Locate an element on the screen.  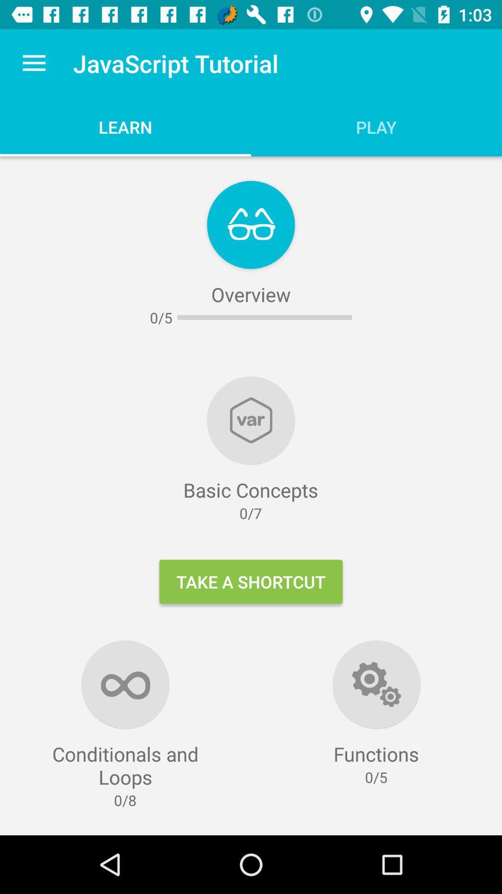
icon above the conditionals and loops item is located at coordinates (33, 63).